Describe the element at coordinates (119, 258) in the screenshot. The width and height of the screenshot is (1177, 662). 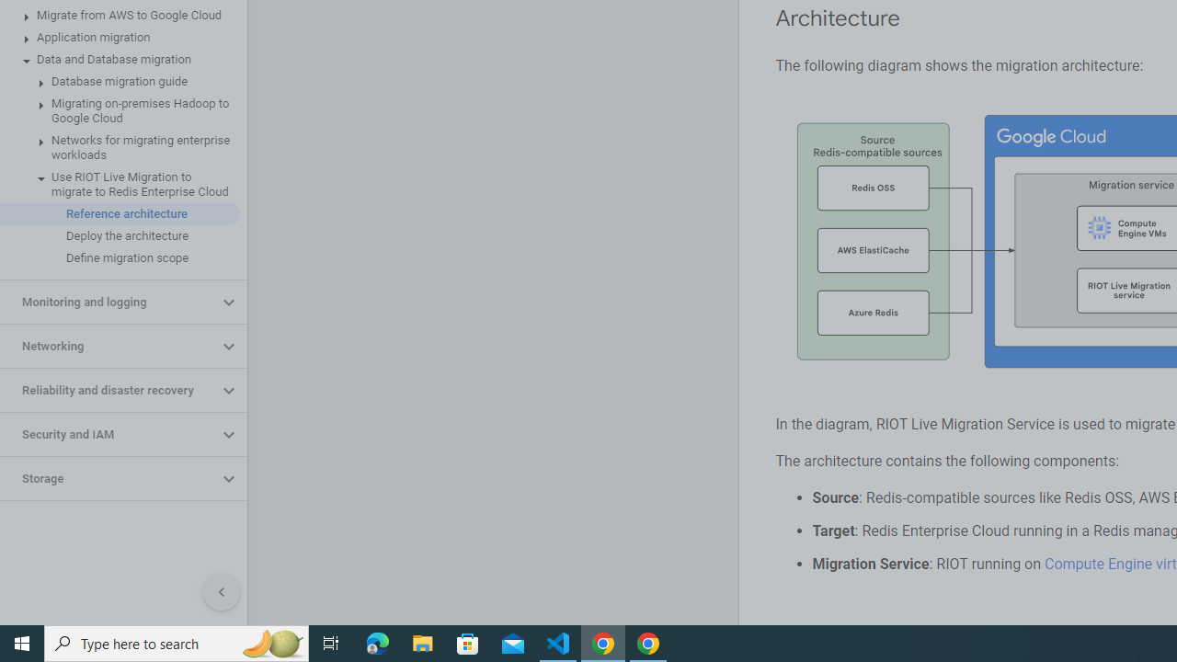
I see `'Define migration scope'` at that location.